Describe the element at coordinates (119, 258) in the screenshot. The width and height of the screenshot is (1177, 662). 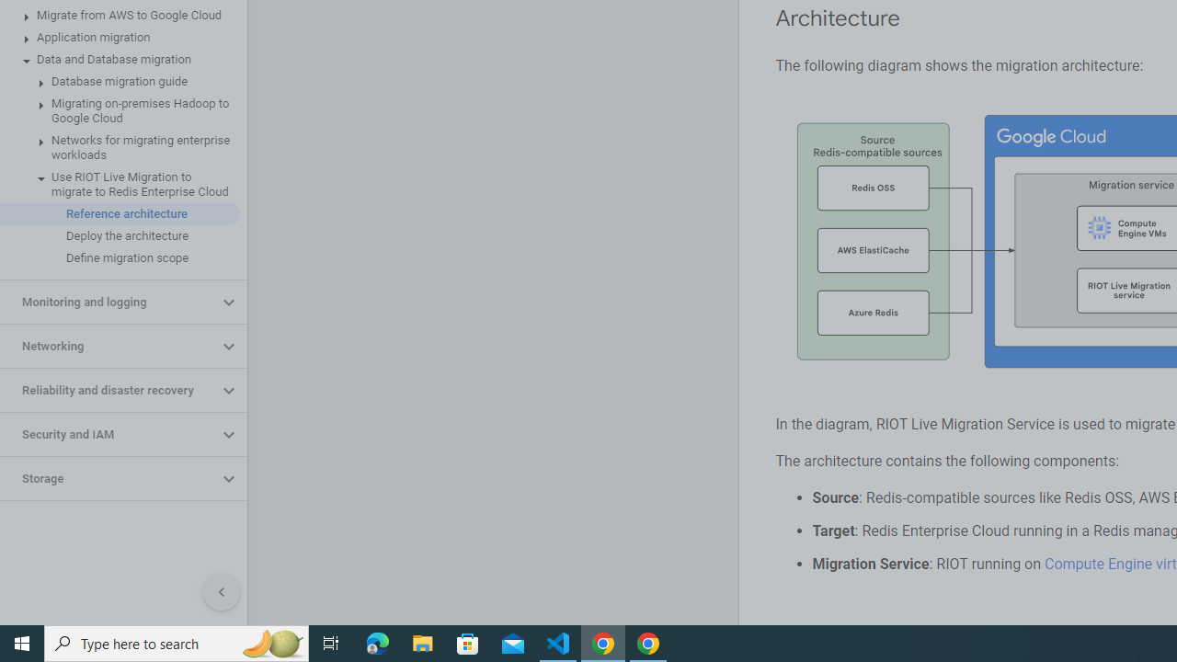
I see `'Define migration scope'` at that location.